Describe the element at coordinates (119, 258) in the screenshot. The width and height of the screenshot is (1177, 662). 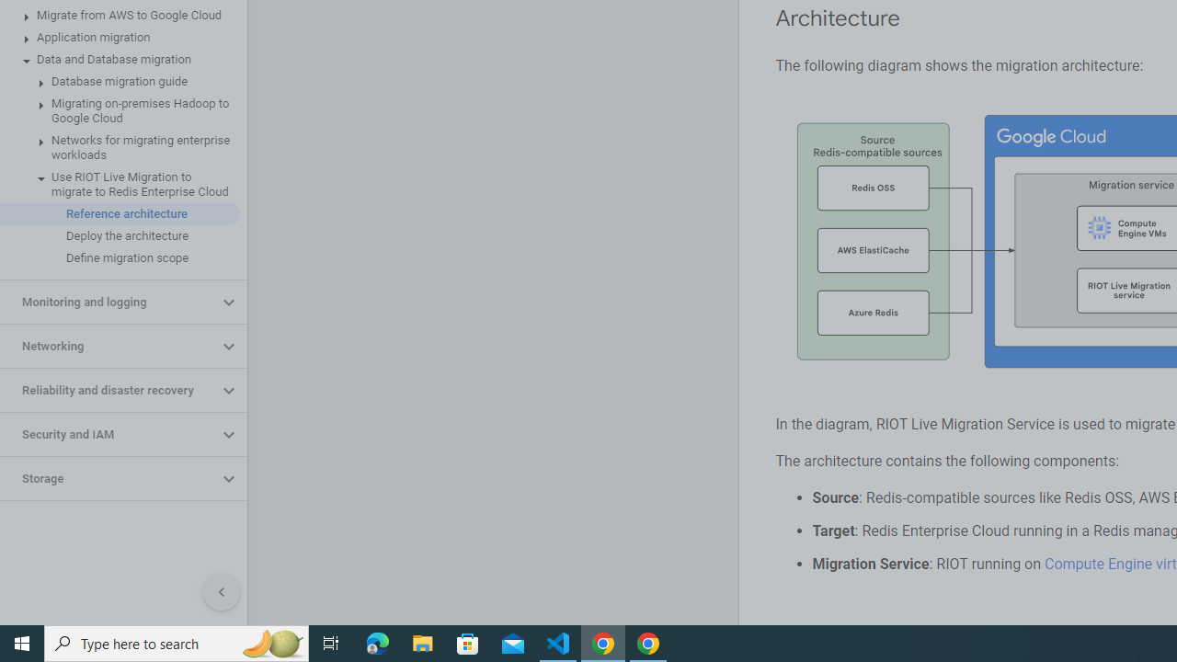
I see `'Define migration scope'` at that location.